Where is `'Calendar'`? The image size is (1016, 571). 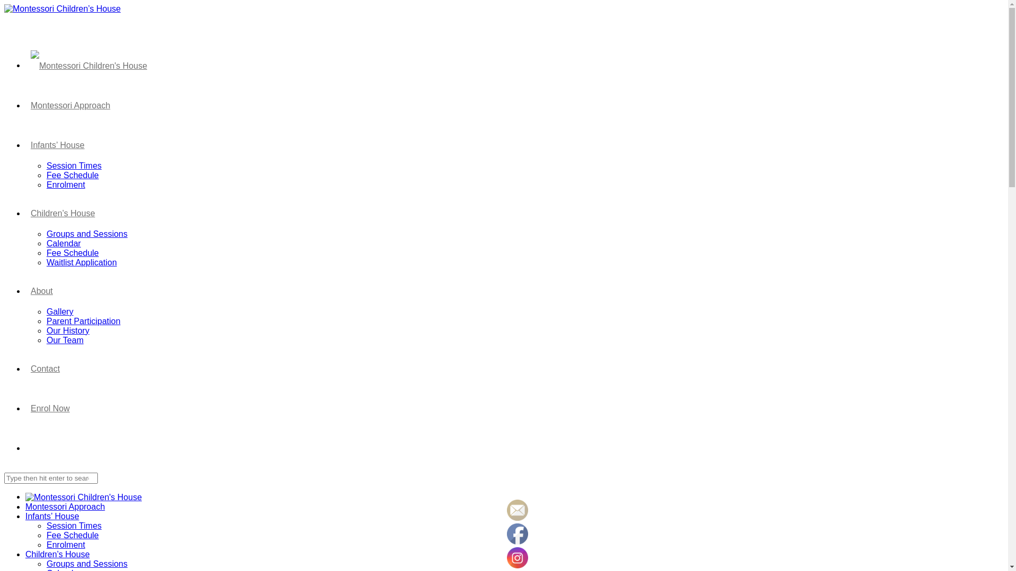 'Calendar' is located at coordinates (46, 243).